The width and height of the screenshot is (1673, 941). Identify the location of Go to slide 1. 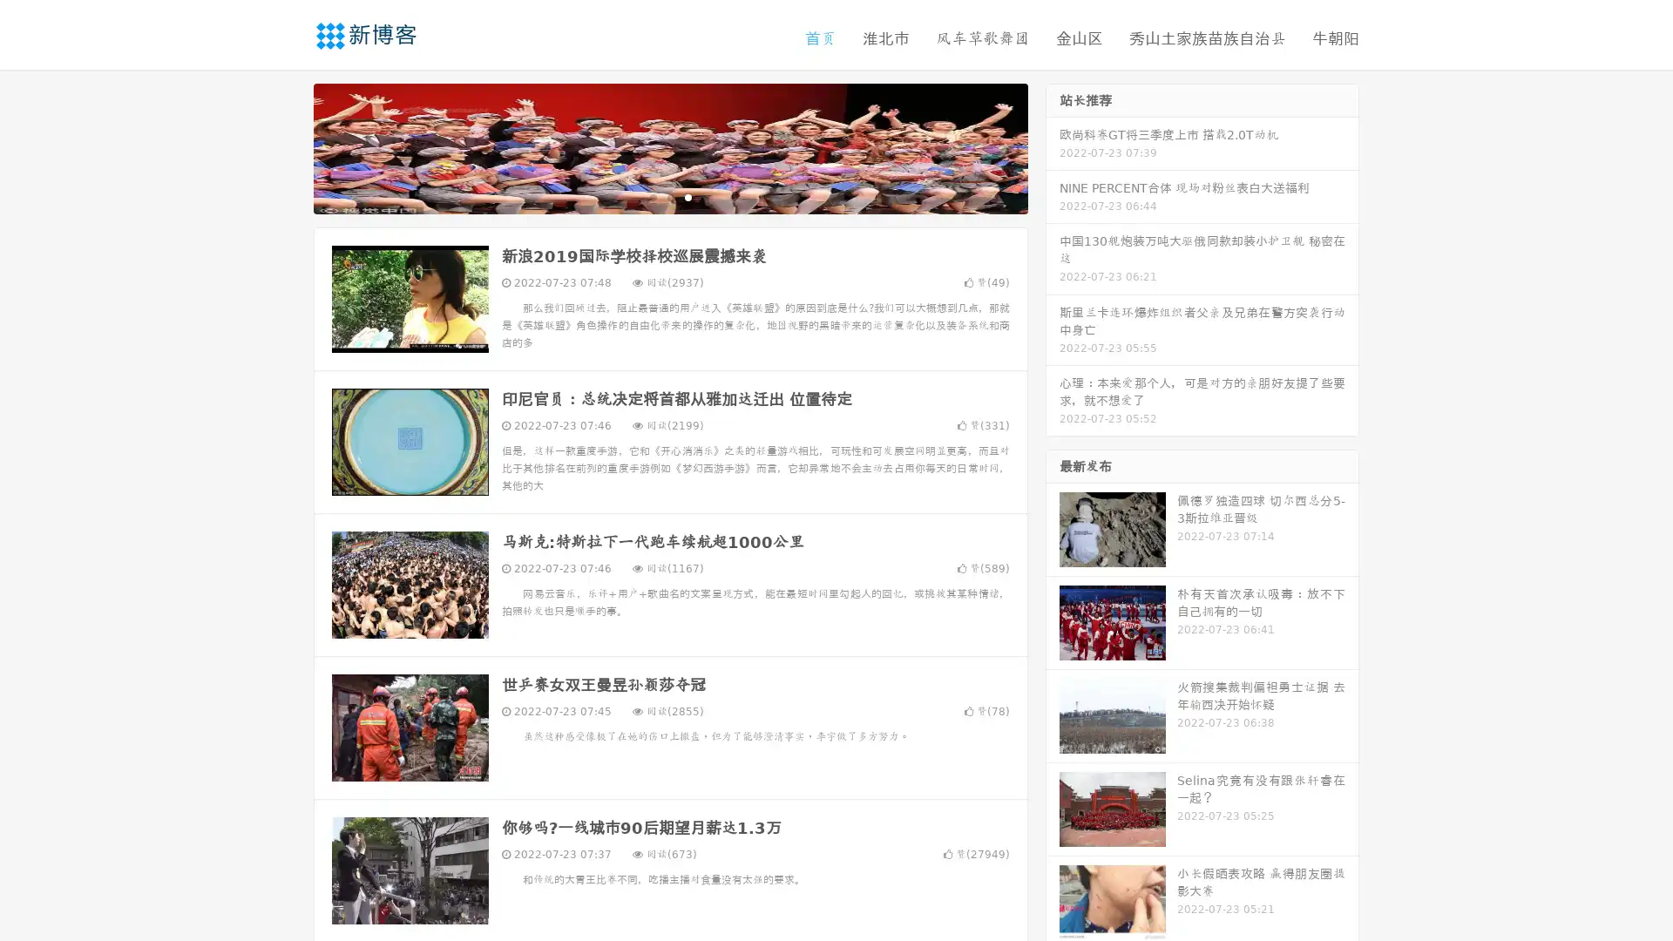
(652, 196).